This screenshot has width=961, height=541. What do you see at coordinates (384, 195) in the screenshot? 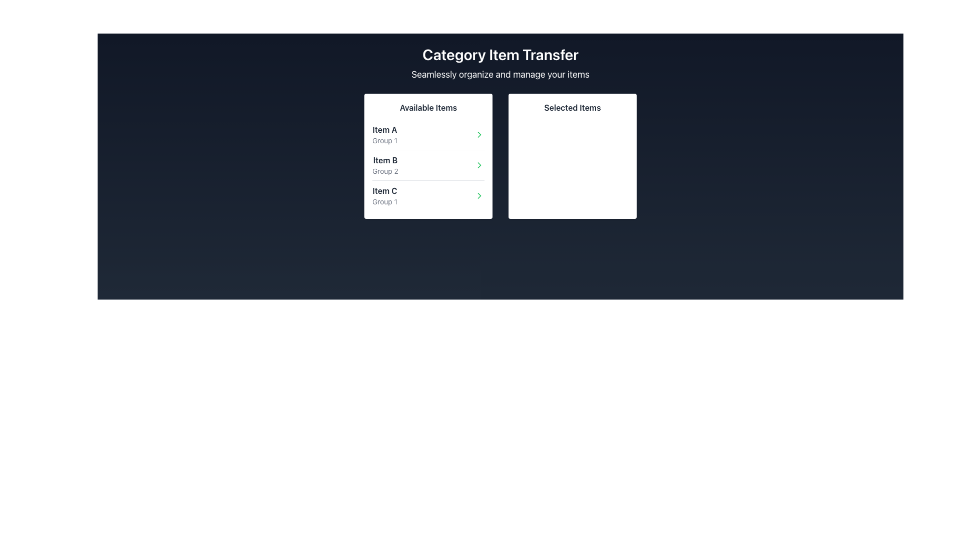
I see `the text label displaying 'Item C'` at bounding box center [384, 195].